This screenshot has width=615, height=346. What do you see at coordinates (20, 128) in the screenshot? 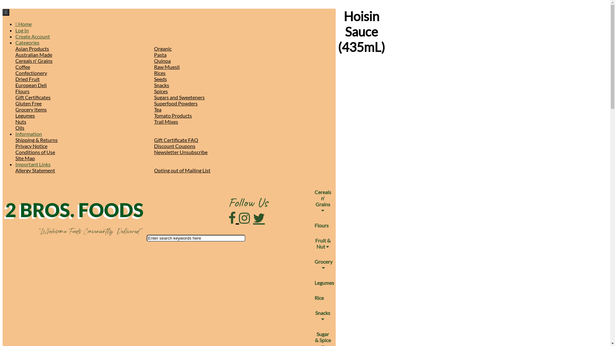
I see `'Oils'` at bounding box center [20, 128].